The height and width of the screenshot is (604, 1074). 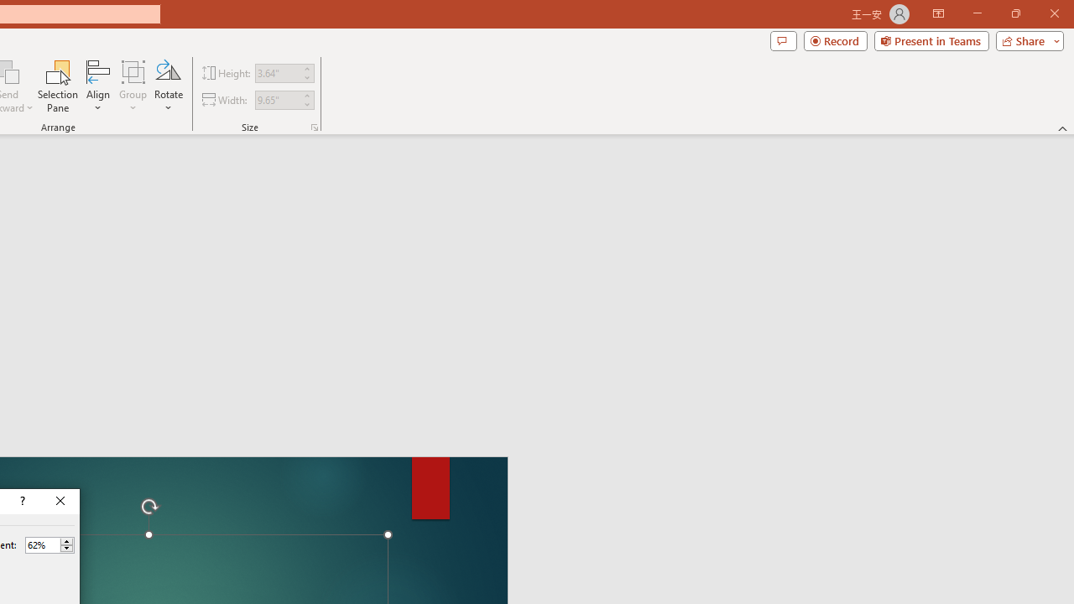 What do you see at coordinates (97, 86) in the screenshot?
I see `'Align'` at bounding box center [97, 86].